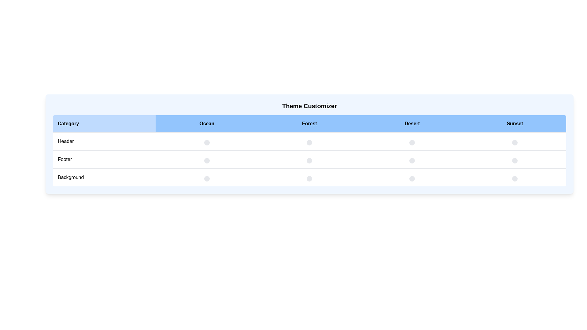  What do you see at coordinates (309, 159) in the screenshot?
I see `the small circular interactive button with a light gray background located in the second row ('Footer') and second column ('Forest') of the grid layout` at bounding box center [309, 159].